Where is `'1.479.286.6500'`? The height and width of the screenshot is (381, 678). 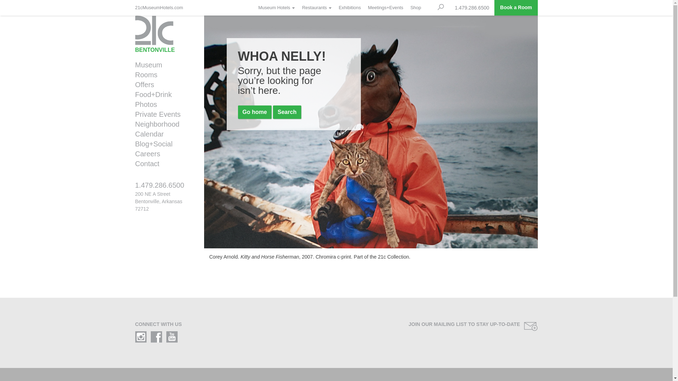 '1.479.286.6500' is located at coordinates (163, 188).